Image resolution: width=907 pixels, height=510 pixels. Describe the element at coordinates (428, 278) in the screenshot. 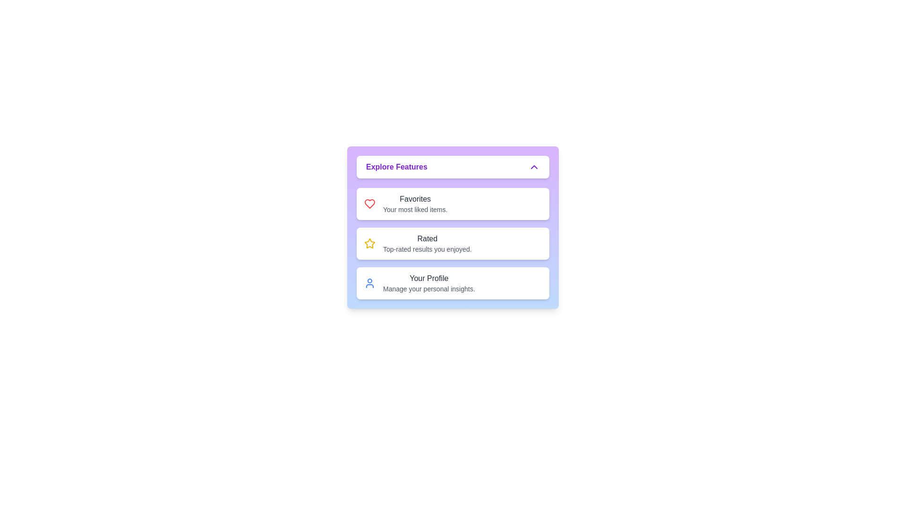

I see `the text label titled 'Your Profile' that serves as a title for a section in the 'Explore Features' card, located below 'Favorites' and 'Rated'` at that location.